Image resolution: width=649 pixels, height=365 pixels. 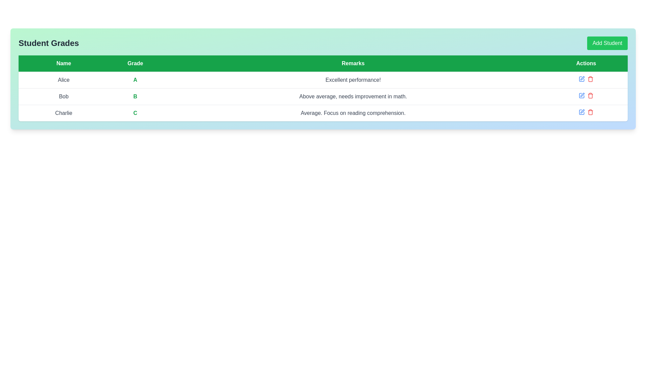 I want to click on the text label displaying 'Average. Focus on reading comprehension.' located in the last row of the 'Remarks' column, so click(x=353, y=113).